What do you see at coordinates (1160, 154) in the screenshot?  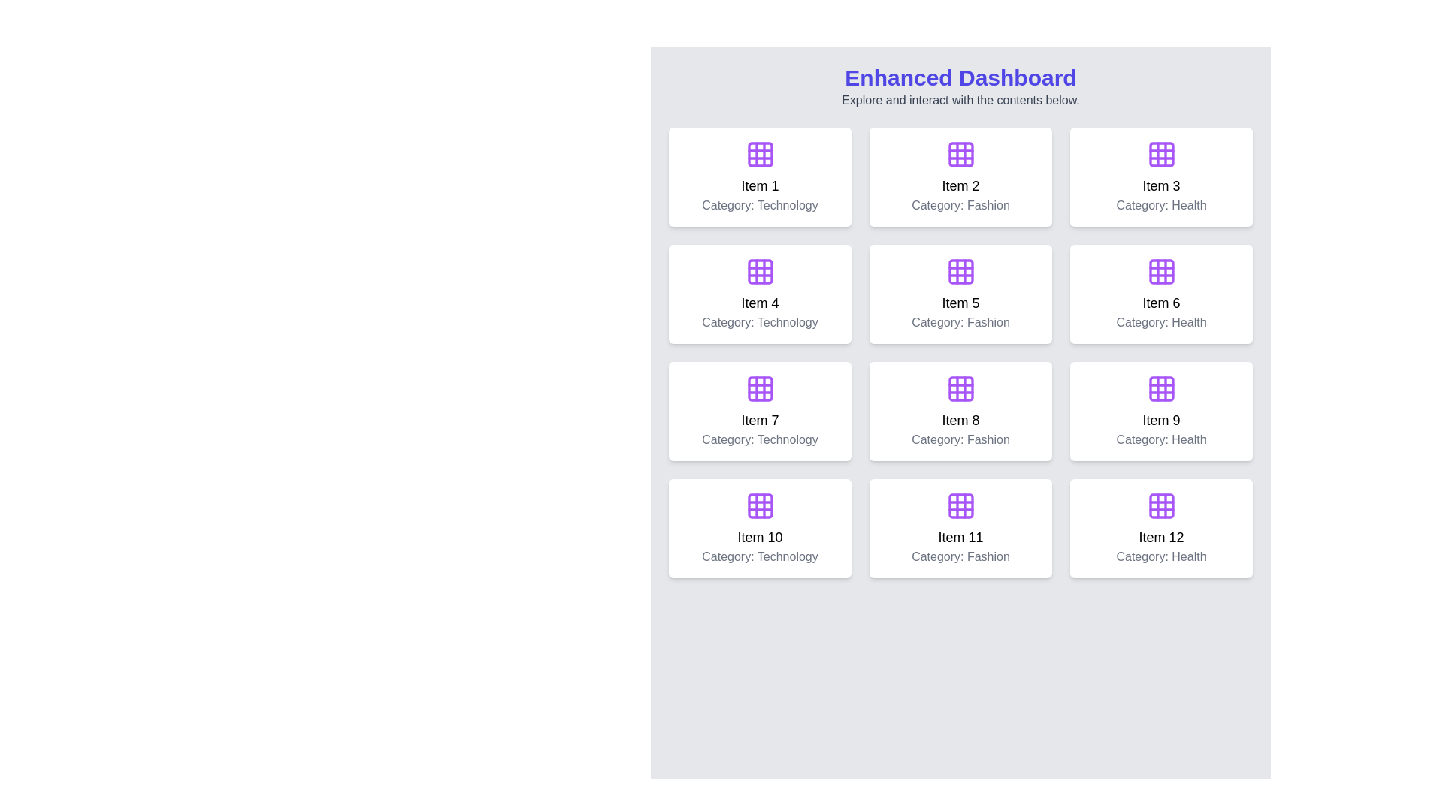 I see `the icon located at the top-right card titled 'Item 3' in the 'Category: Health' section` at bounding box center [1160, 154].